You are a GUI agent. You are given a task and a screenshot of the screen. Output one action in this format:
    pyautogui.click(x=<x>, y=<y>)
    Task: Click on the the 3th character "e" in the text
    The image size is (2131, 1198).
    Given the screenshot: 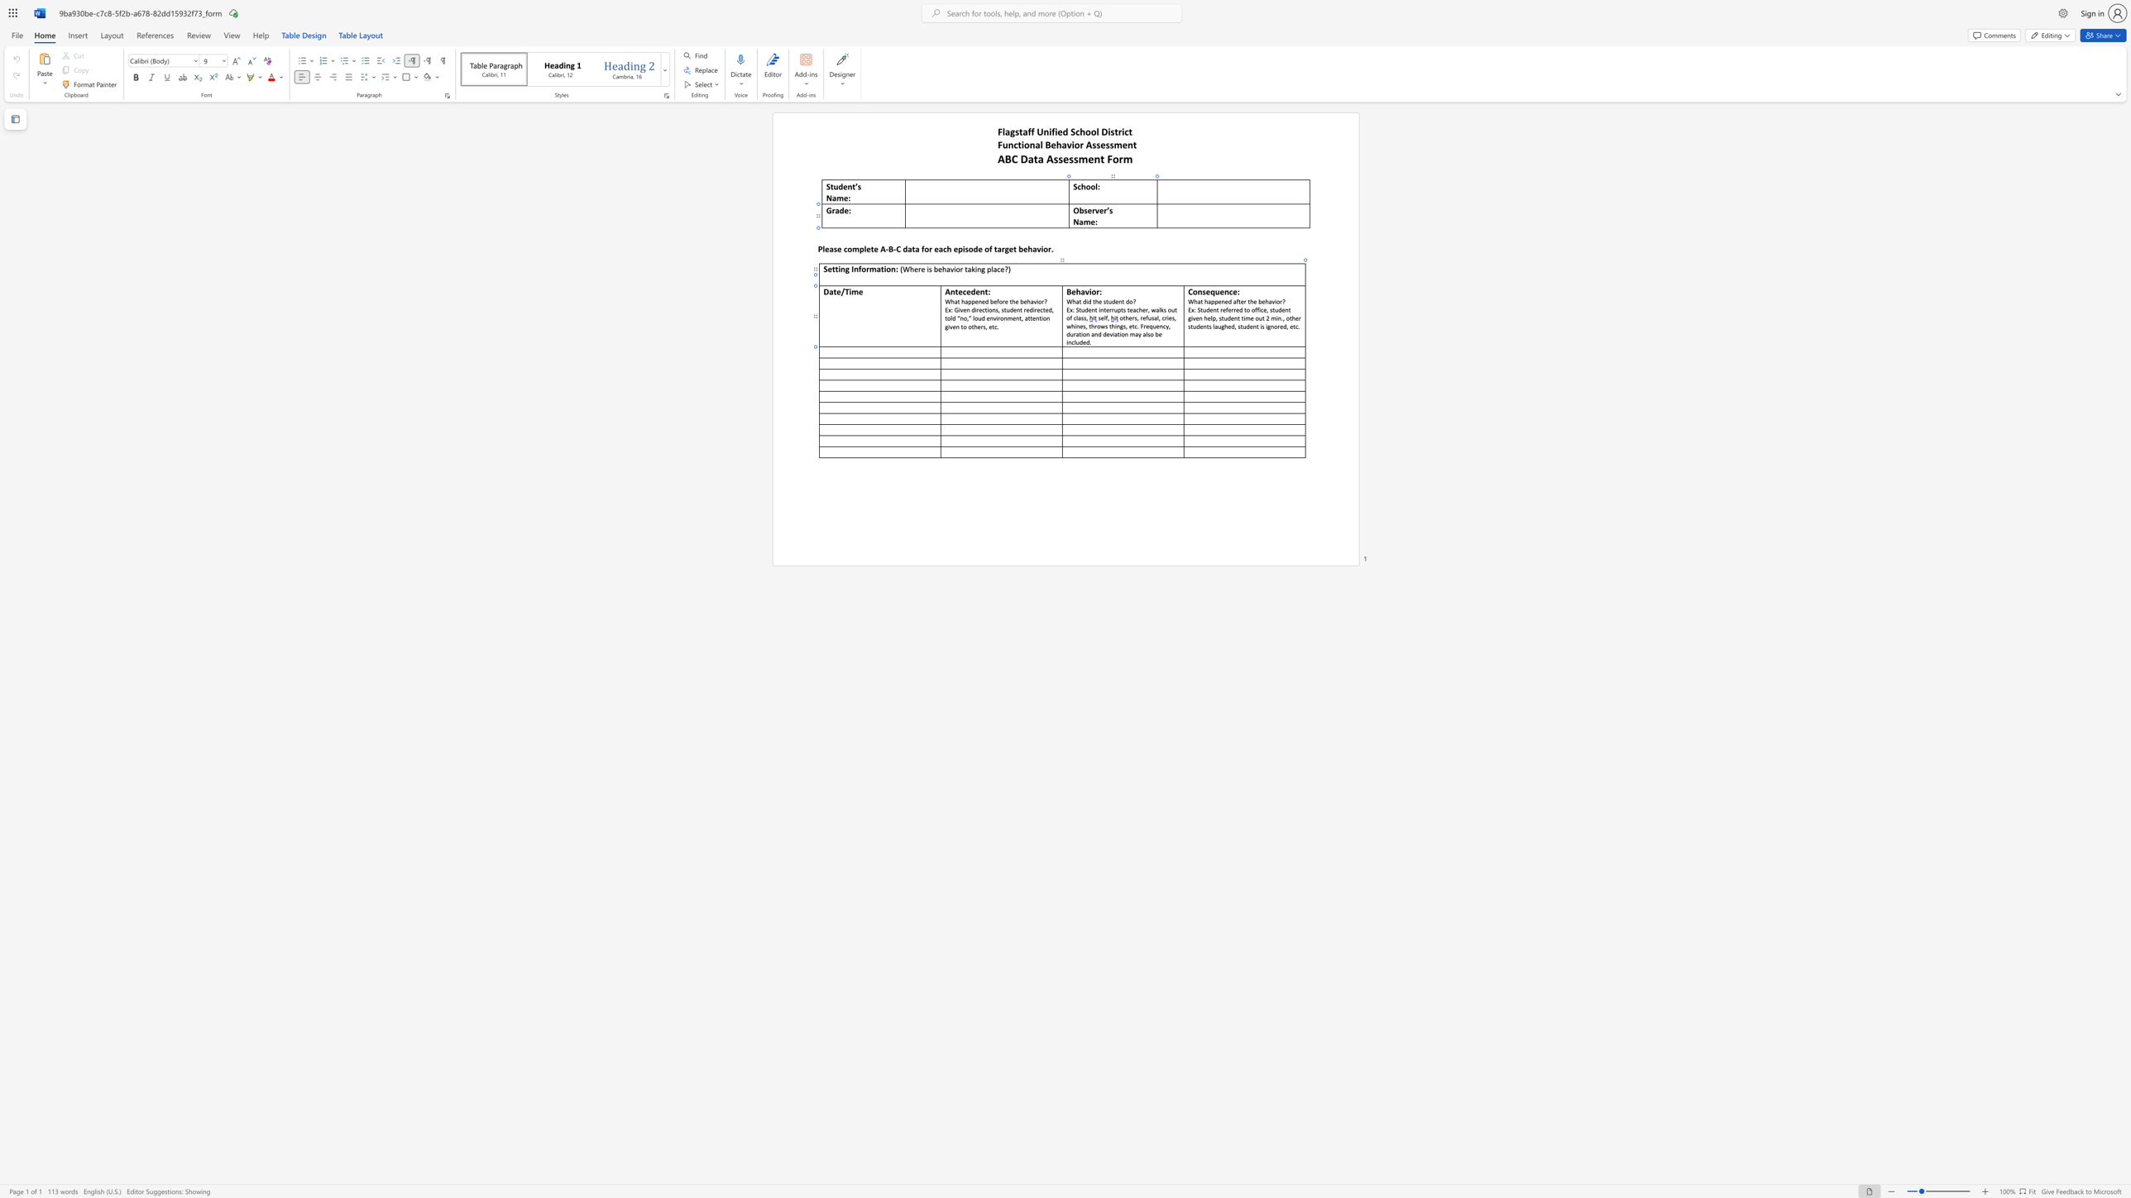 What is the action you would take?
    pyautogui.click(x=1234, y=292)
    